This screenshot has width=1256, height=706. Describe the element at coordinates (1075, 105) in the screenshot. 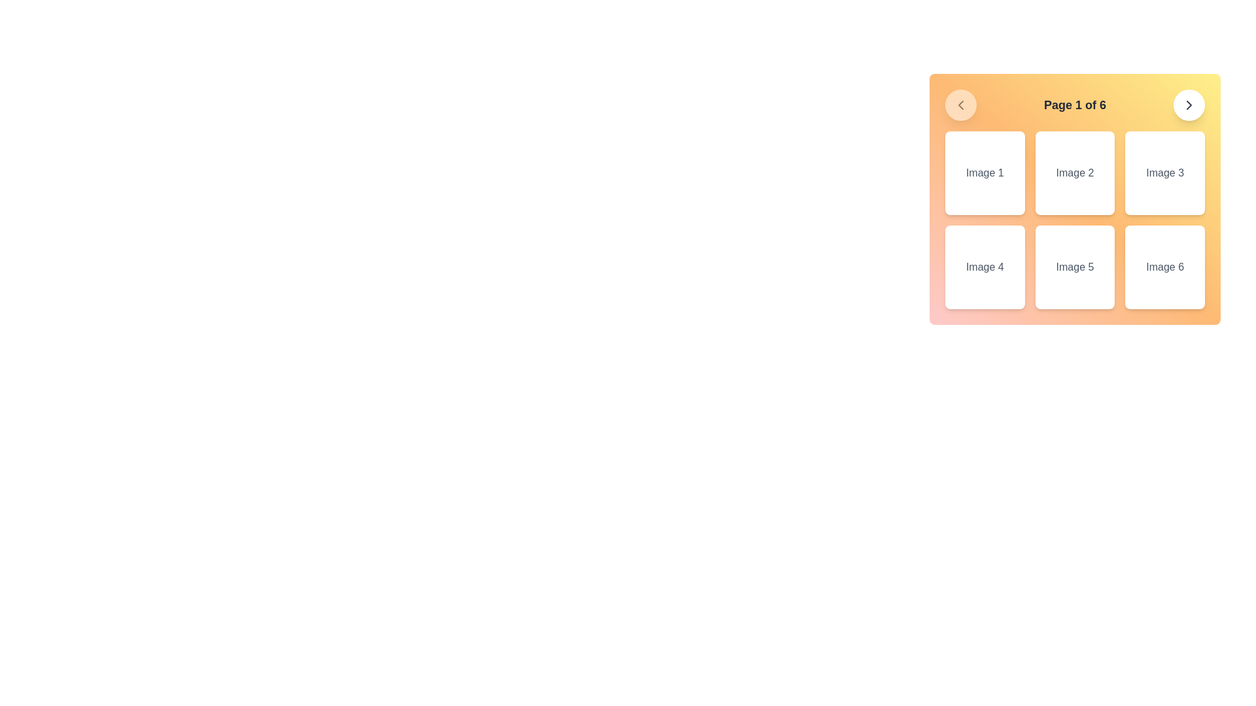

I see `the textual element displaying 'Page 1 of 6' which is styled with a bold font and dark color, located in the top section of a card-like layout` at that location.